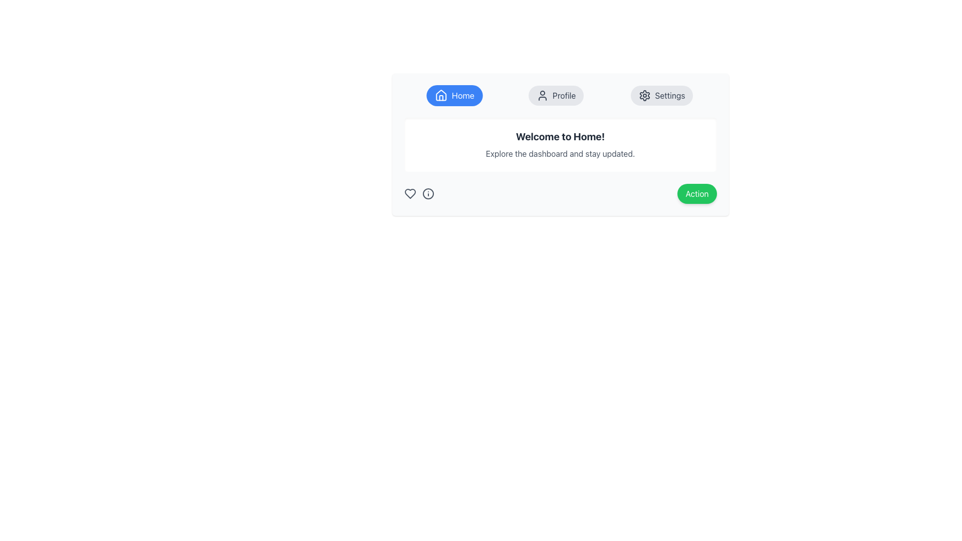 The image size is (962, 541). Describe the element at coordinates (670, 96) in the screenshot. I see `the 'Settings' text label in the horizontal menu bar` at that location.